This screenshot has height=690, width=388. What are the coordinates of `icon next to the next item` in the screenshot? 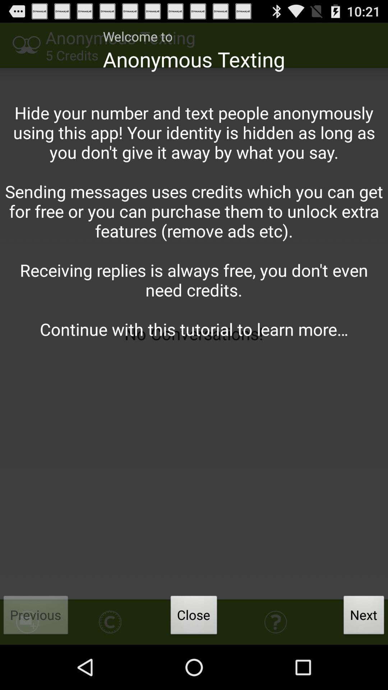 It's located at (194, 617).